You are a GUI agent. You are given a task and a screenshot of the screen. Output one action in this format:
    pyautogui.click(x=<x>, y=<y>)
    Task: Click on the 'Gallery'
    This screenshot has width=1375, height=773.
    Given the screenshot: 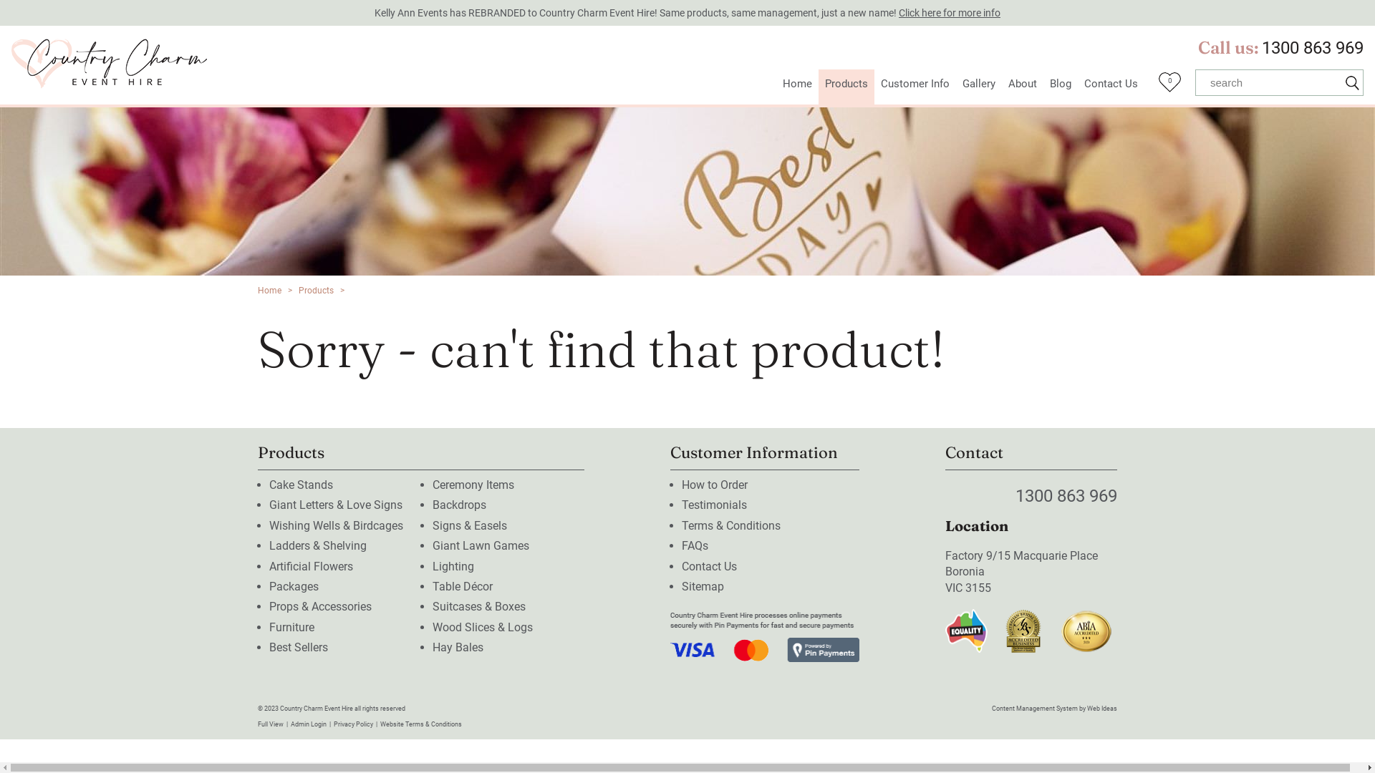 What is the action you would take?
    pyautogui.click(x=955, y=87)
    